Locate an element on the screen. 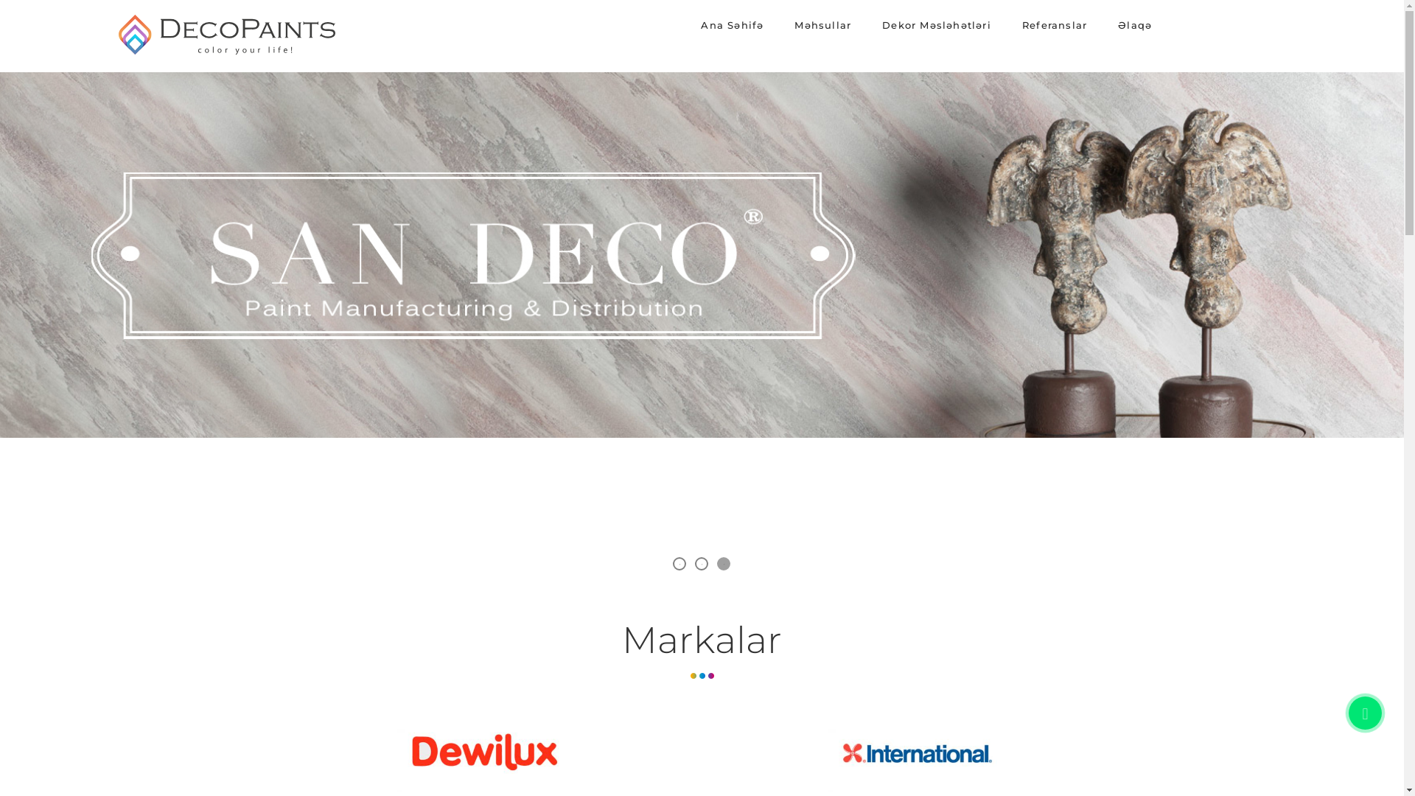 Image resolution: width=1415 pixels, height=796 pixels. 'International' is located at coordinates (824, 755).